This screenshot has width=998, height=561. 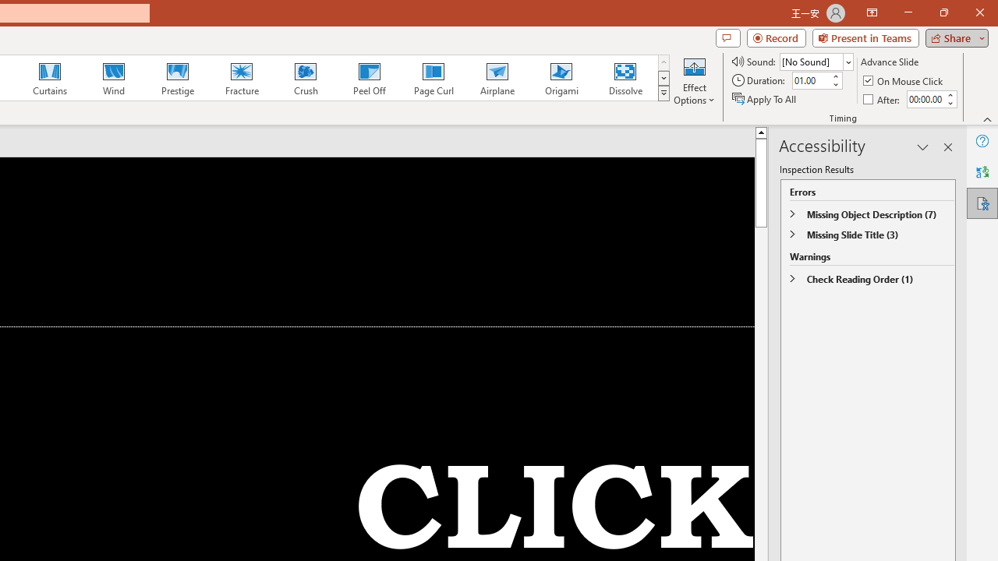 What do you see at coordinates (664, 93) in the screenshot?
I see `'Transition Effects'` at bounding box center [664, 93].